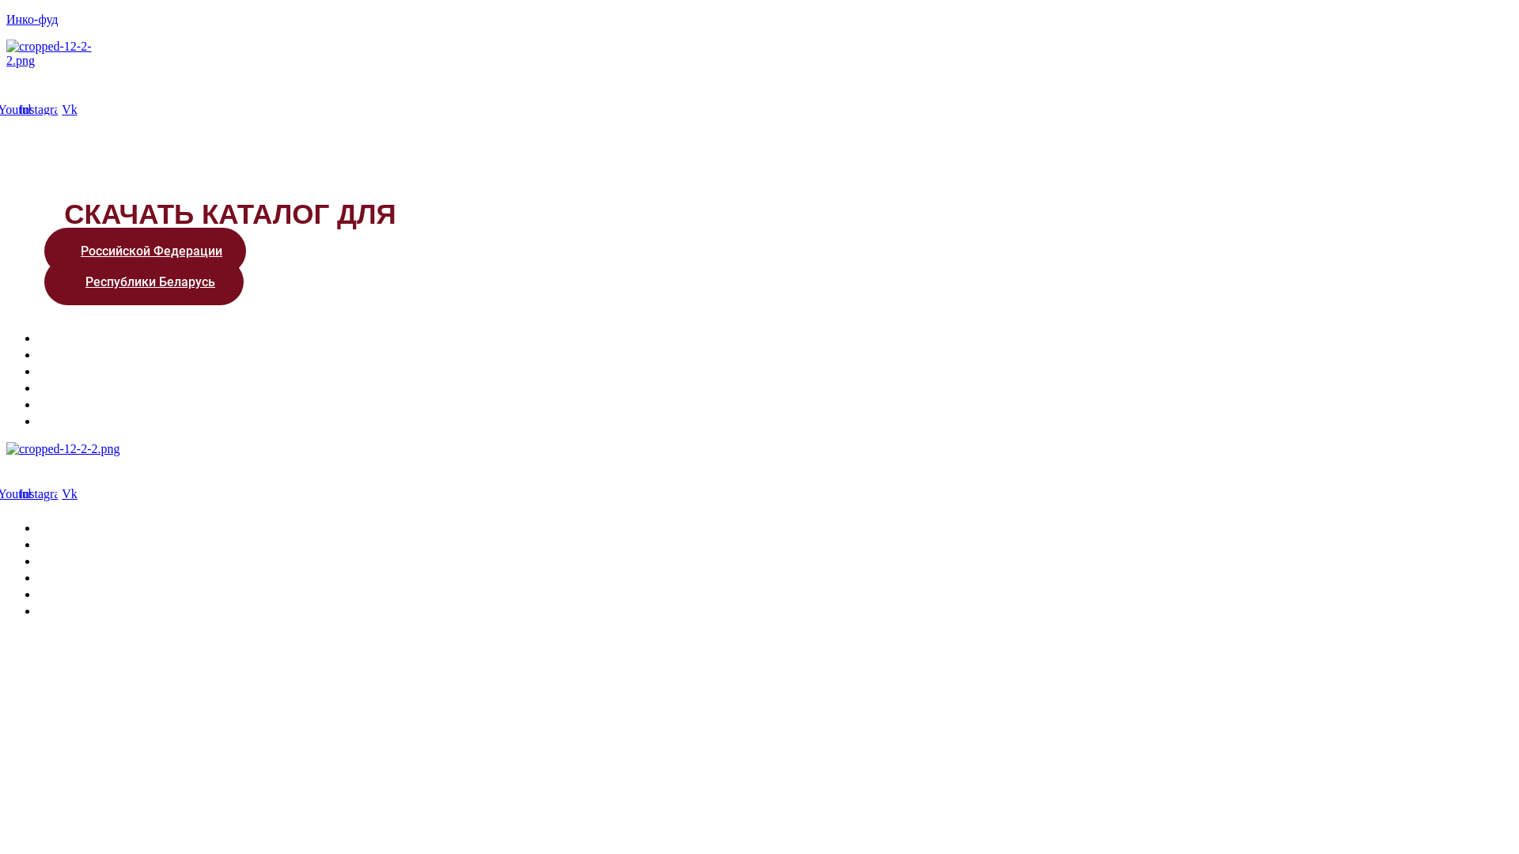 This screenshot has width=1519, height=854. What do you see at coordinates (68, 493) in the screenshot?
I see `'Vk'` at bounding box center [68, 493].